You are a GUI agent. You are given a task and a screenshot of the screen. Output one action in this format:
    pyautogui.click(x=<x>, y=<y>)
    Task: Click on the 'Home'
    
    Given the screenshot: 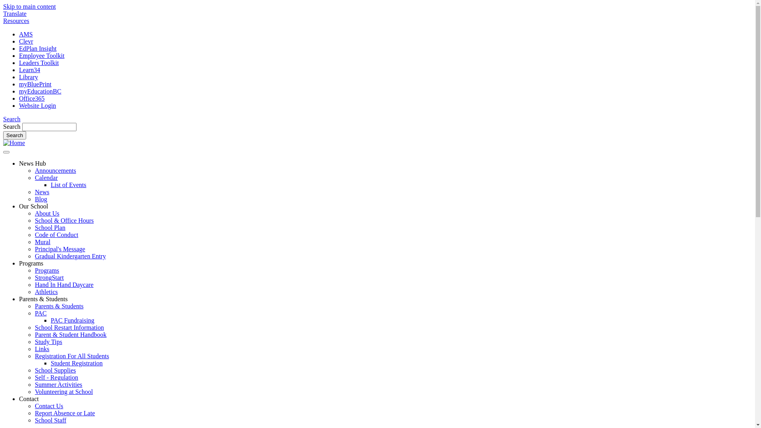 What is the action you would take?
    pyautogui.click(x=14, y=143)
    